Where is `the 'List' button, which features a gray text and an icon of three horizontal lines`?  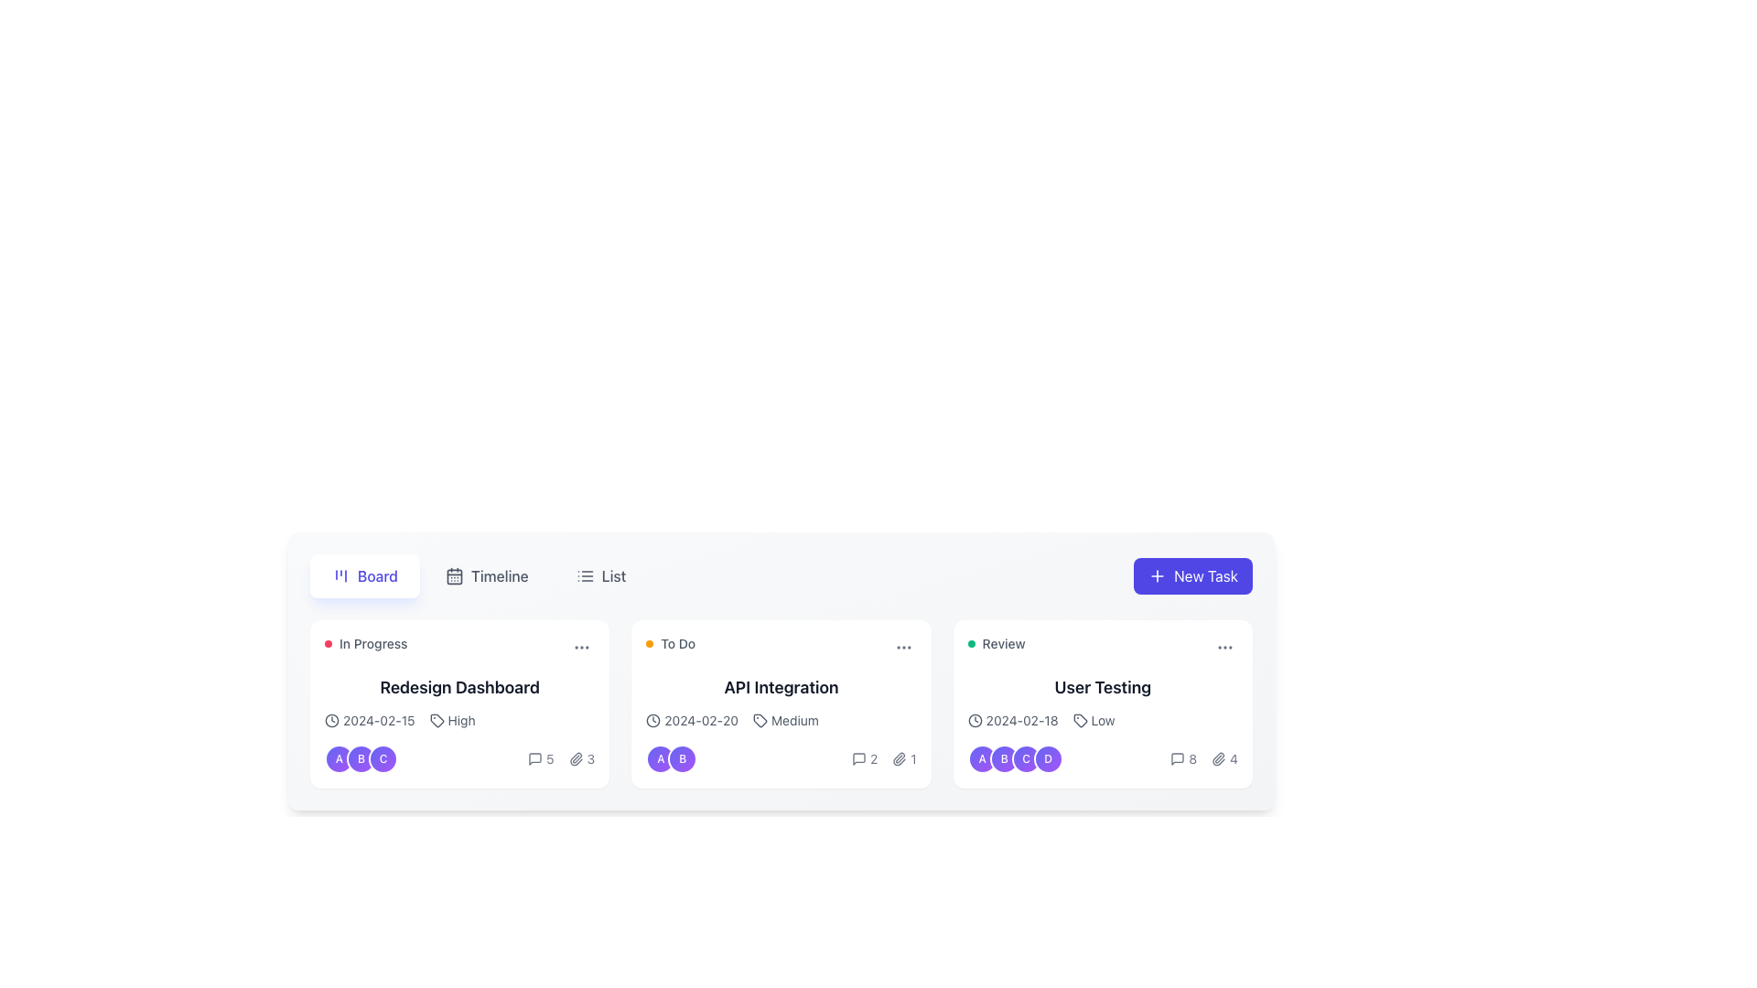 the 'List' button, which features a gray text and an icon of three horizontal lines is located at coordinates (601, 575).